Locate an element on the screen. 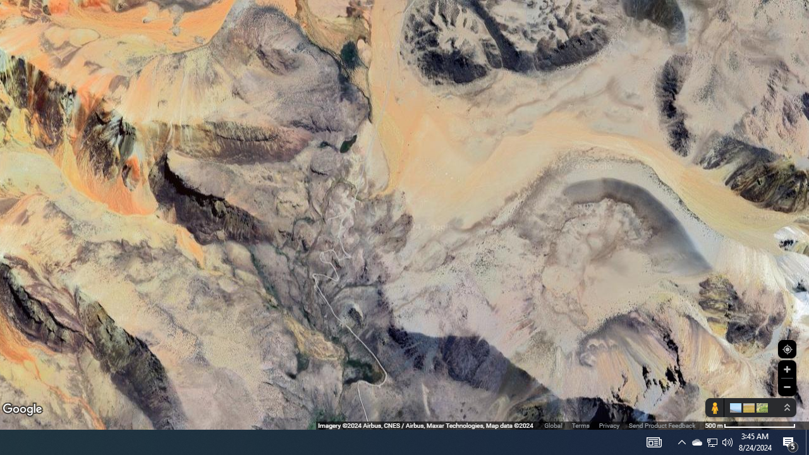 This screenshot has width=809, height=455. 'Zoom out' is located at coordinates (786, 386).